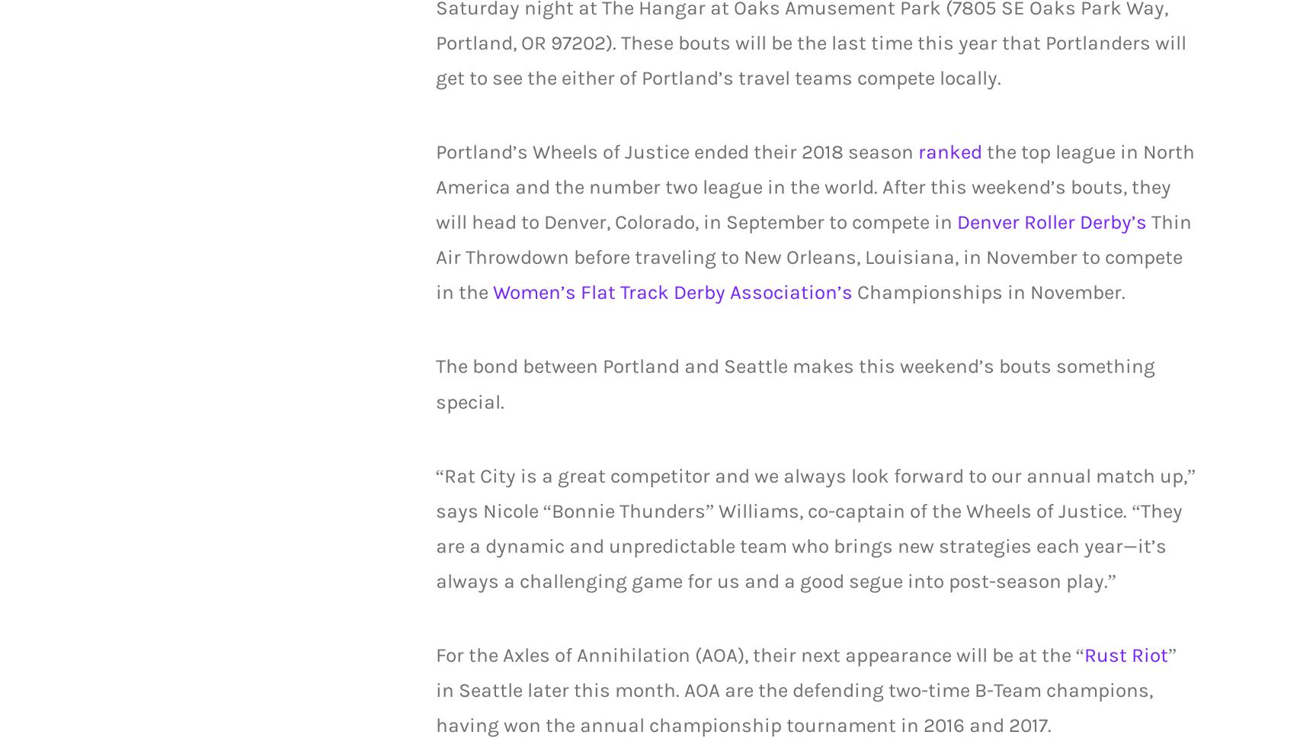  Describe the element at coordinates (988, 292) in the screenshot. I see `'Championships in November.'` at that location.